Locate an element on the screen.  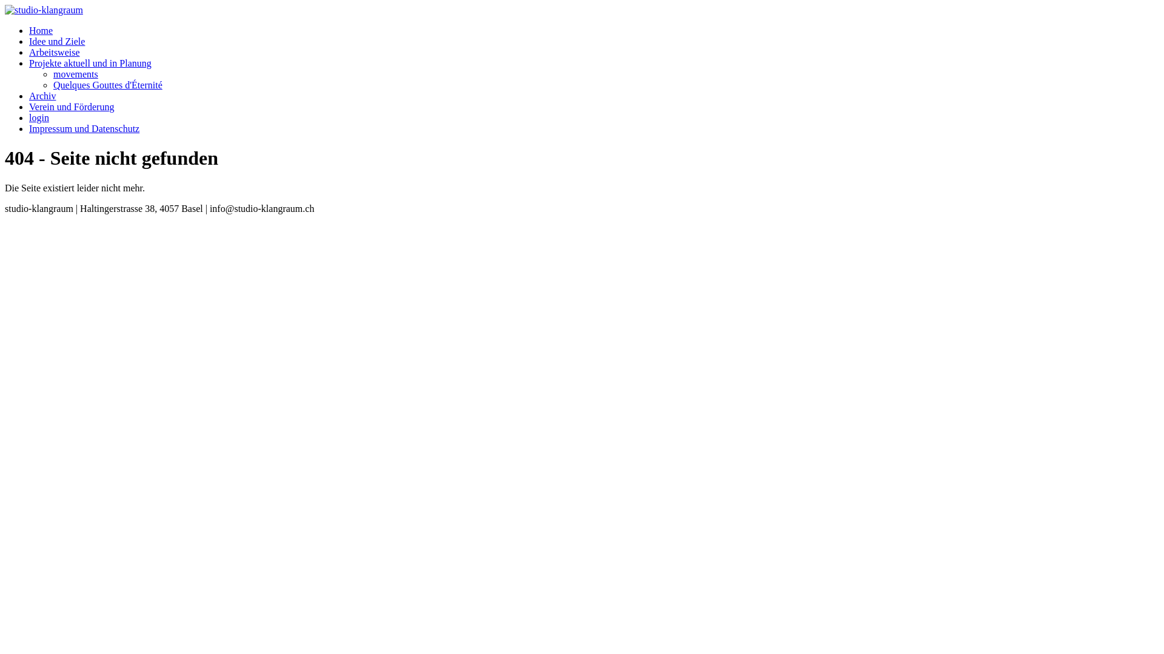
'Archiv' is located at coordinates (42, 95).